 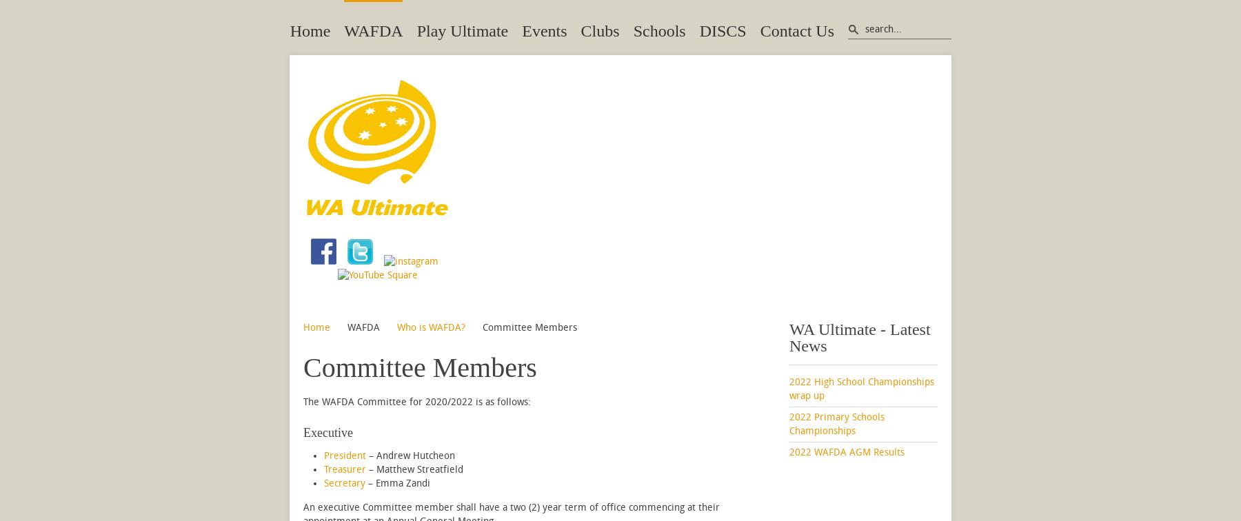 What do you see at coordinates (344, 469) in the screenshot?
I see `'Treasurer'` at bounding box center [344, 469].